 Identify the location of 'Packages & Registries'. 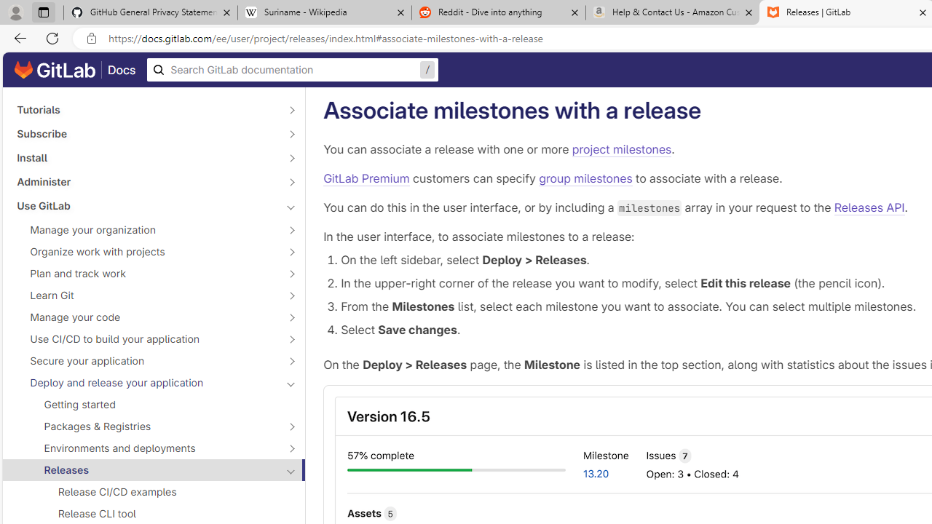
(146, 426).